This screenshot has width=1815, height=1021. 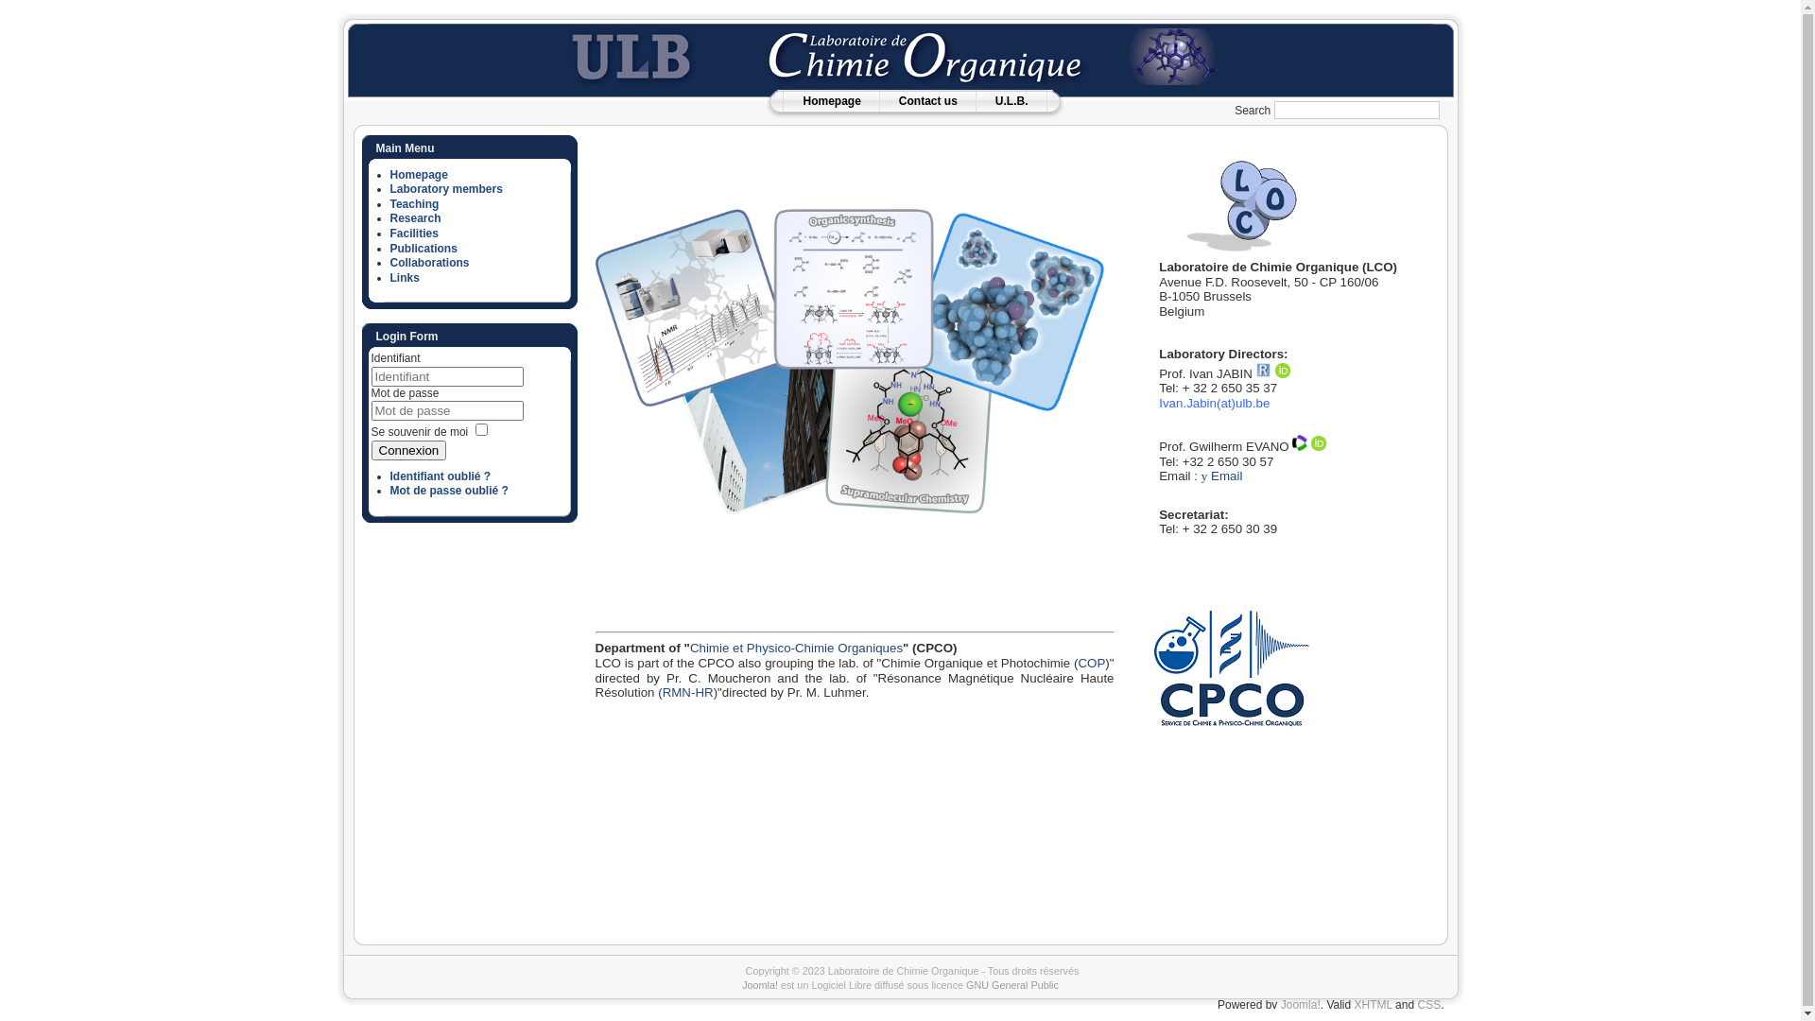 What do you see at coordinates (1428, 1004) in the screenshot?
I see `'CSS'` at bounding box center [1428, 1004].